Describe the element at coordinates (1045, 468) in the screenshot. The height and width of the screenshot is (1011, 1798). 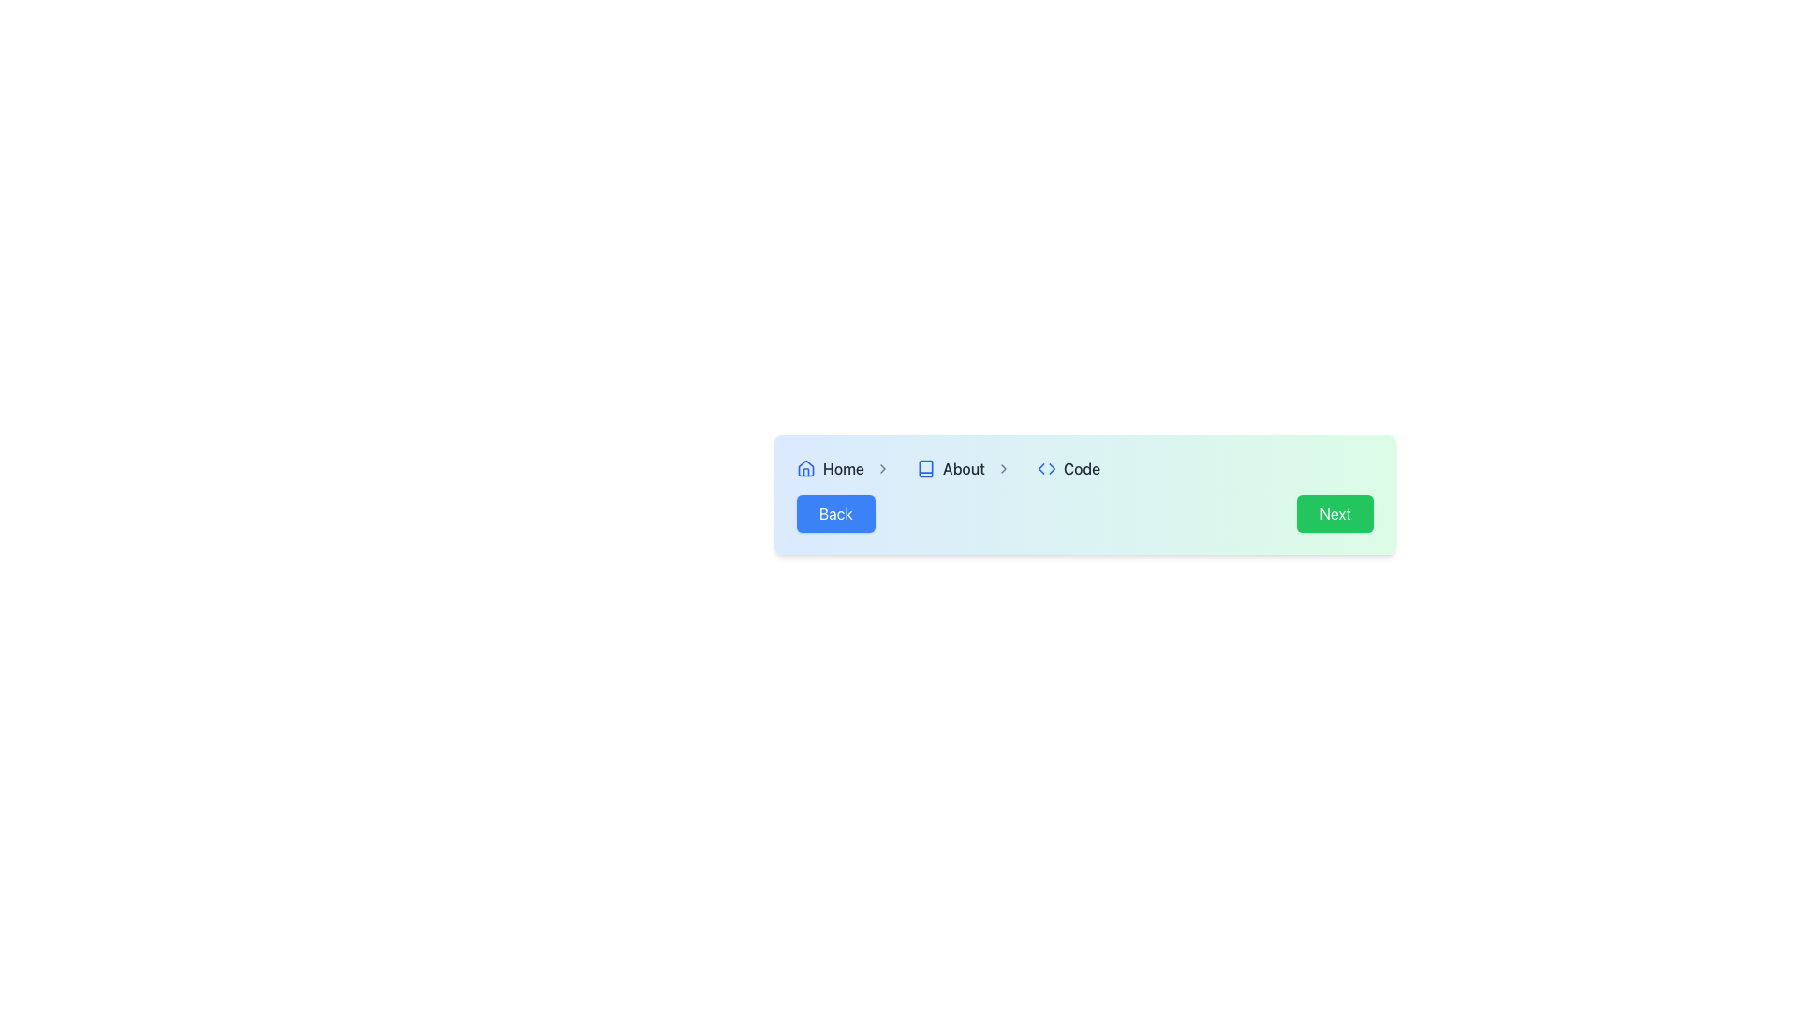
I see `the decorative icon located in the horizontal navigation bar, situated between the 'About' and 'Code' text links` at that location.